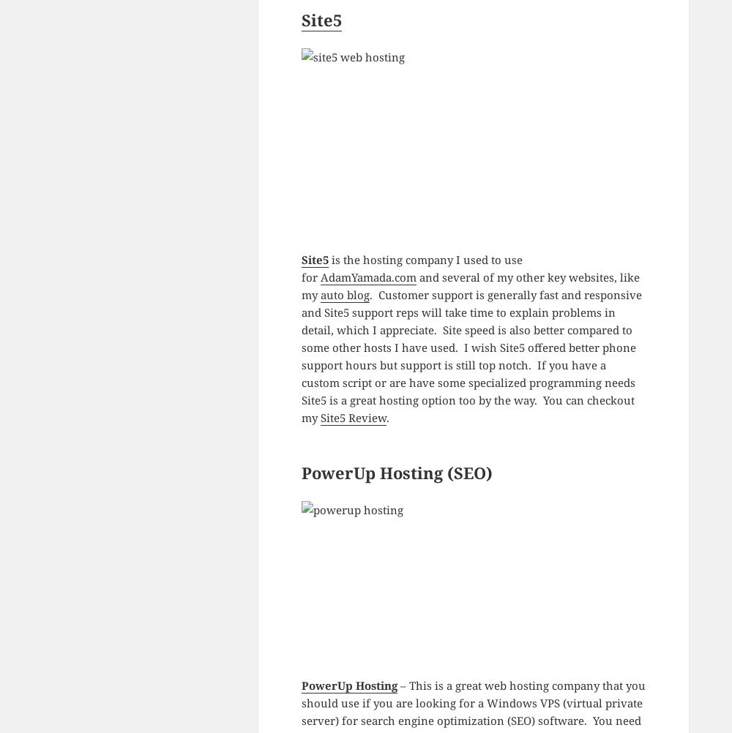 Image resolution: width=732 pixels, height=733 pixels. What do you see at coordinates (367, 277) in the screenshot?
I see `'AdamYamada.com'` at bounding box center [367, 277].